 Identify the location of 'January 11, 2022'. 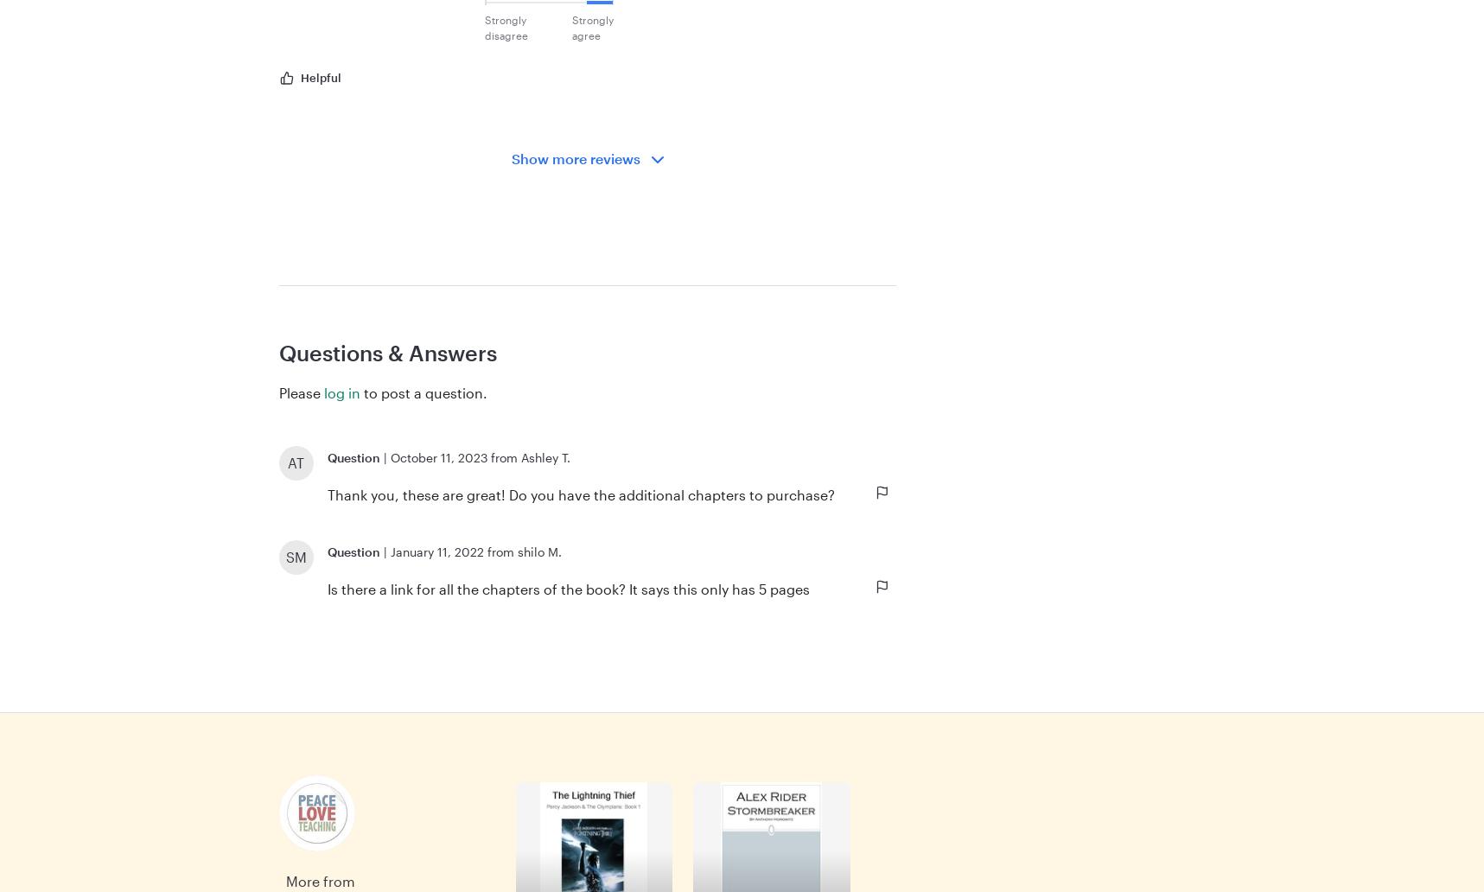
(436, 551).